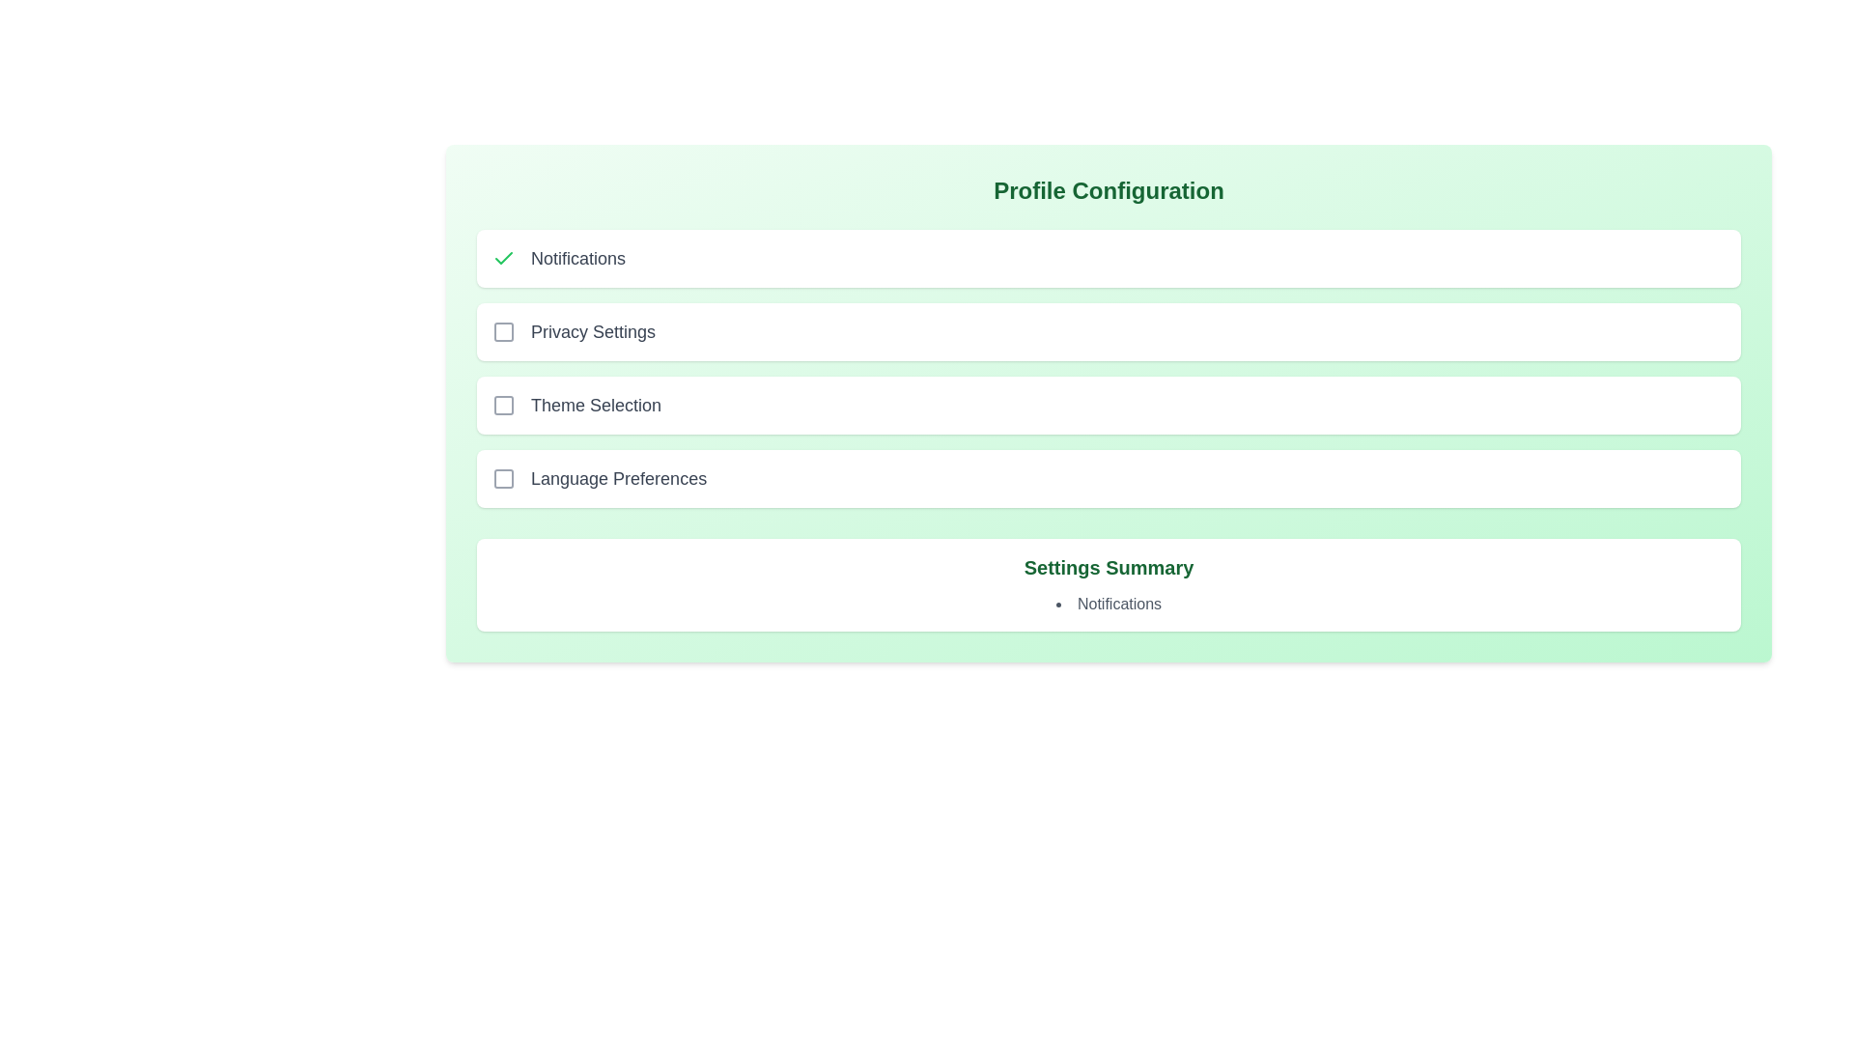 The width and height of the screenshot is (1854, 1043). Describe the element at coordinates (595, 405) in the screenshot. I see `the 'Theme Selection' label which displays the phrase in gray color and is styled with a clean and modern appearance` at that location.